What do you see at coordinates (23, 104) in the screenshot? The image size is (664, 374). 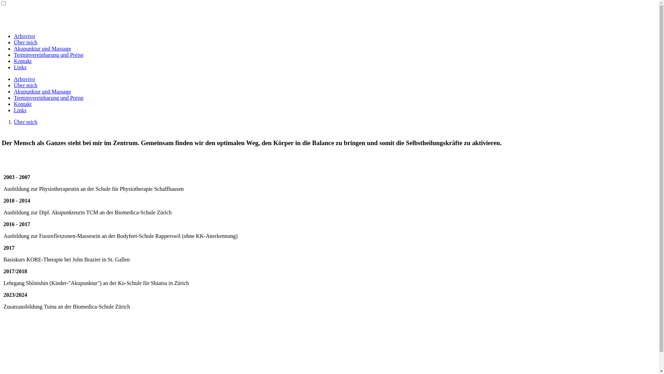 I see `'Kontakt'` at bounding box center [23, 104].